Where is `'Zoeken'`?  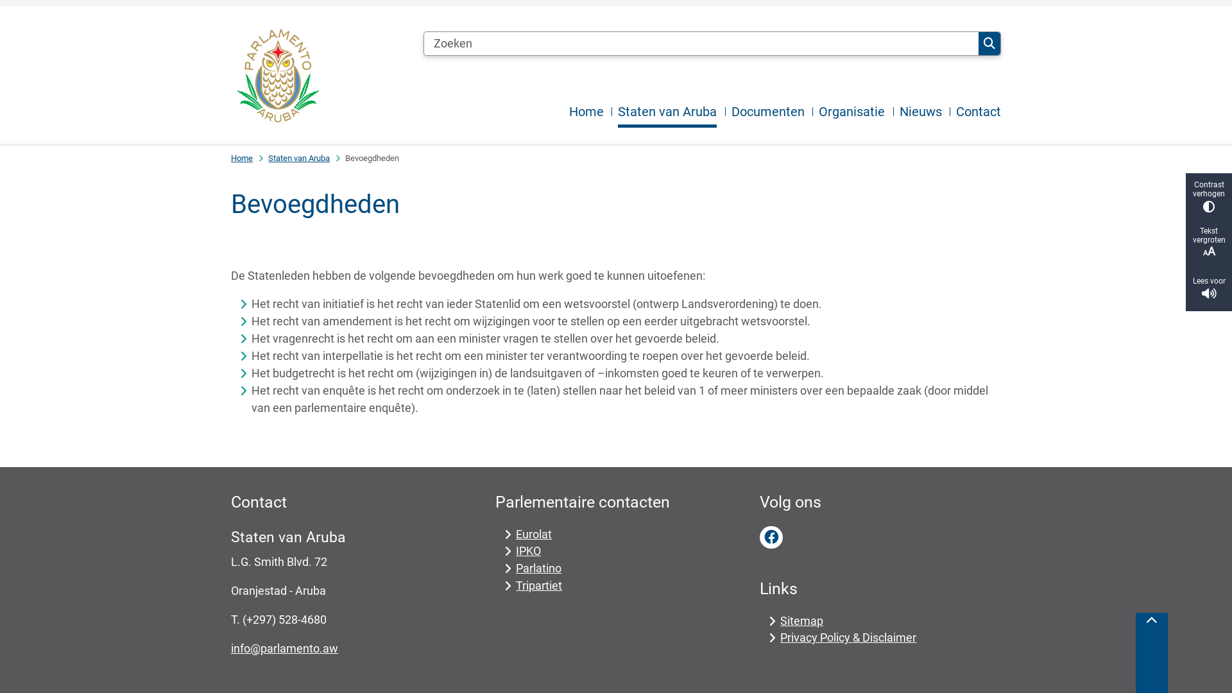
'Zoeken' is located at coordinates (988, 43).